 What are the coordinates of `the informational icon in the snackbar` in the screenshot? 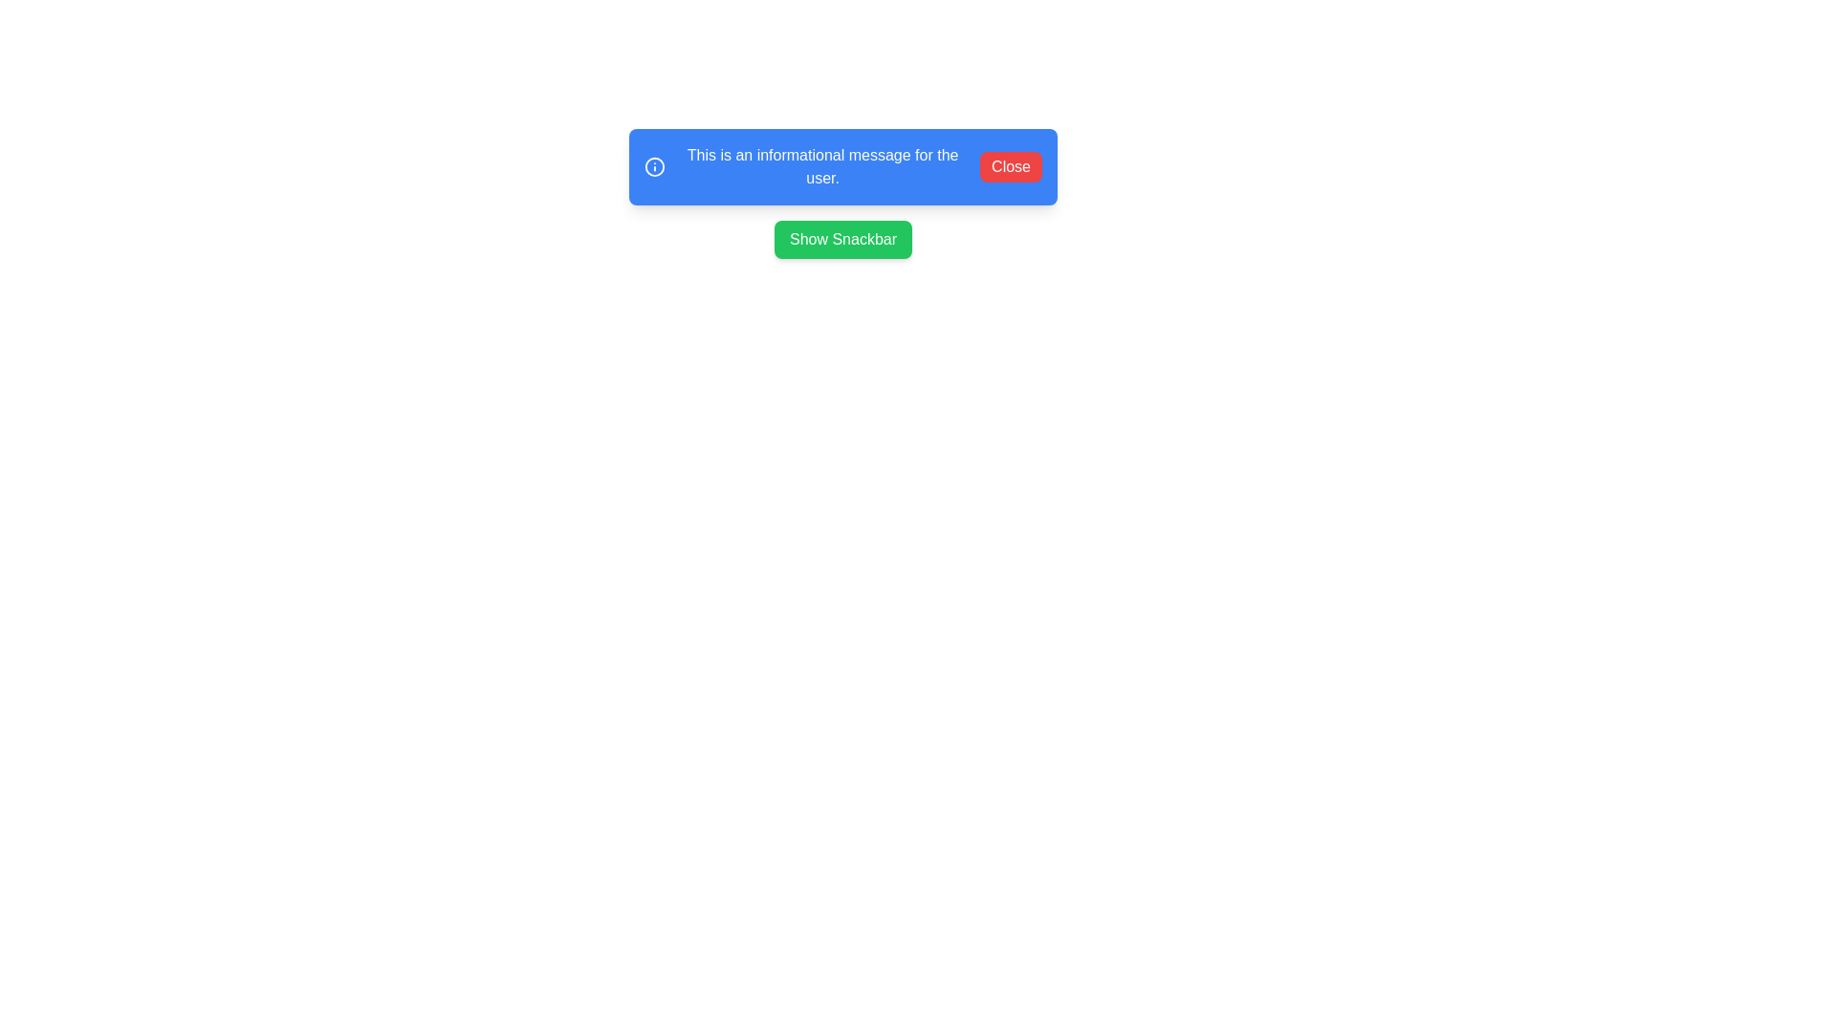 It's located at (655, 165).